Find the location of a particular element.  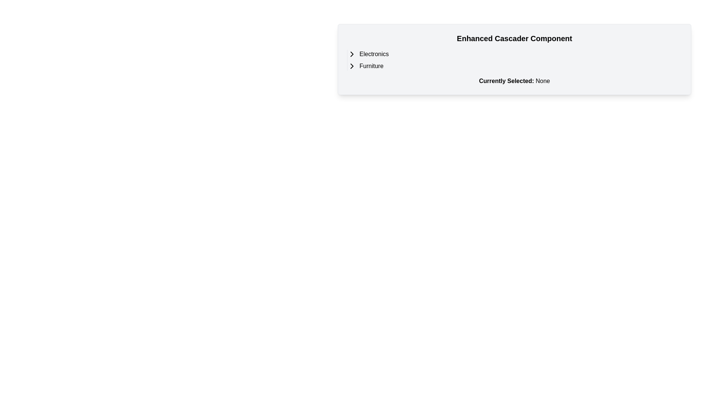

the Interactive Cascader Component titled 'Enhanced Cascader Component' to view the context menu is located at coordinates (514, 59).